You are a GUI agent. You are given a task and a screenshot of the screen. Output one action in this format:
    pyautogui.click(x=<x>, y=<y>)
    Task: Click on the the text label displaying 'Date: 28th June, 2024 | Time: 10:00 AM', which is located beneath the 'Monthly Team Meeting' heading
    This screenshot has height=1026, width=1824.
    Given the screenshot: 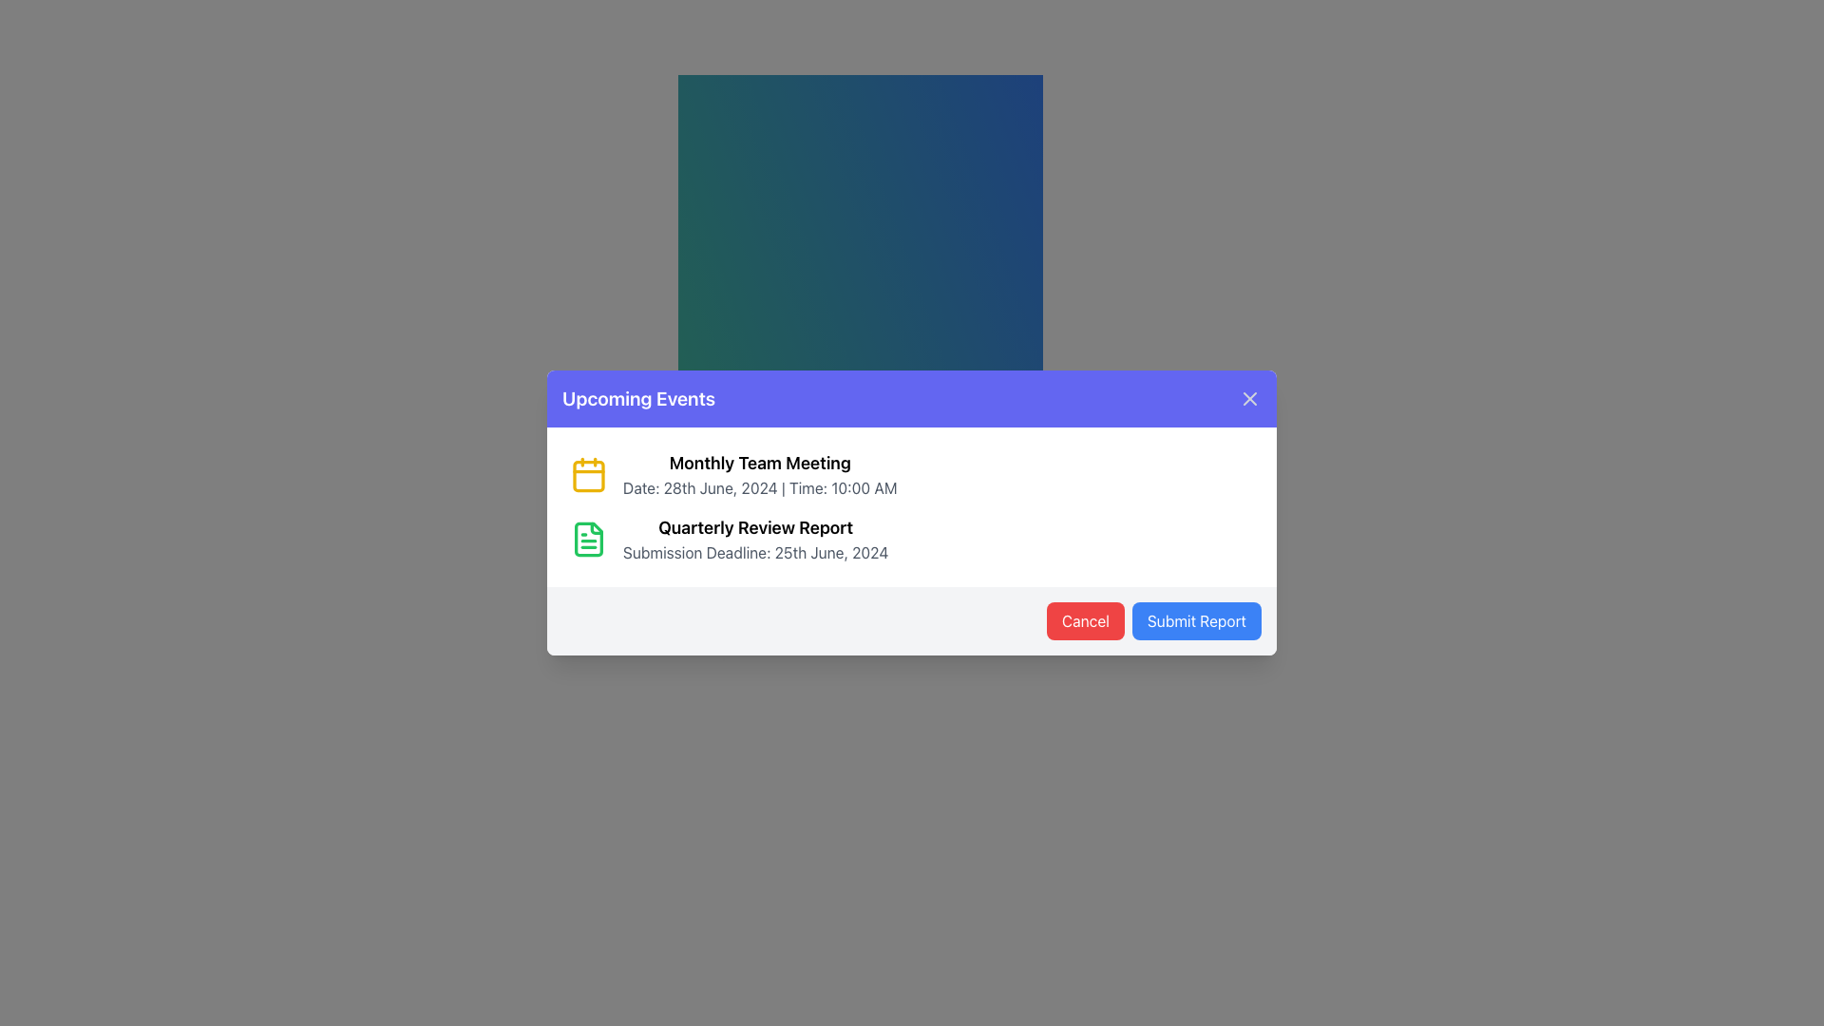 What is the action you would take?
    pyautogui.click(x=760, y=486)
    